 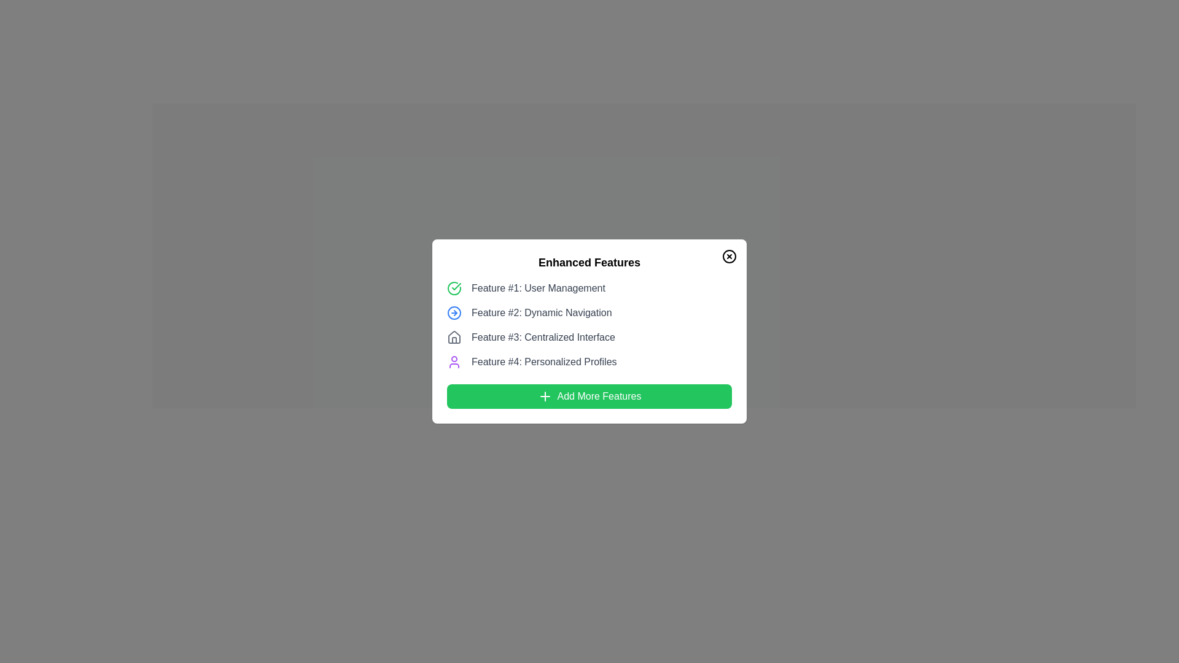 What do you see at coordinates (453, 312) in the screenshot?
I see `the circular arrow icon pointing to the right, which is styled in blue and located to the left of the text 'Feature #2: Dynamic Navigation' in the second row of the main feature list` at bounding box center [453, 312].